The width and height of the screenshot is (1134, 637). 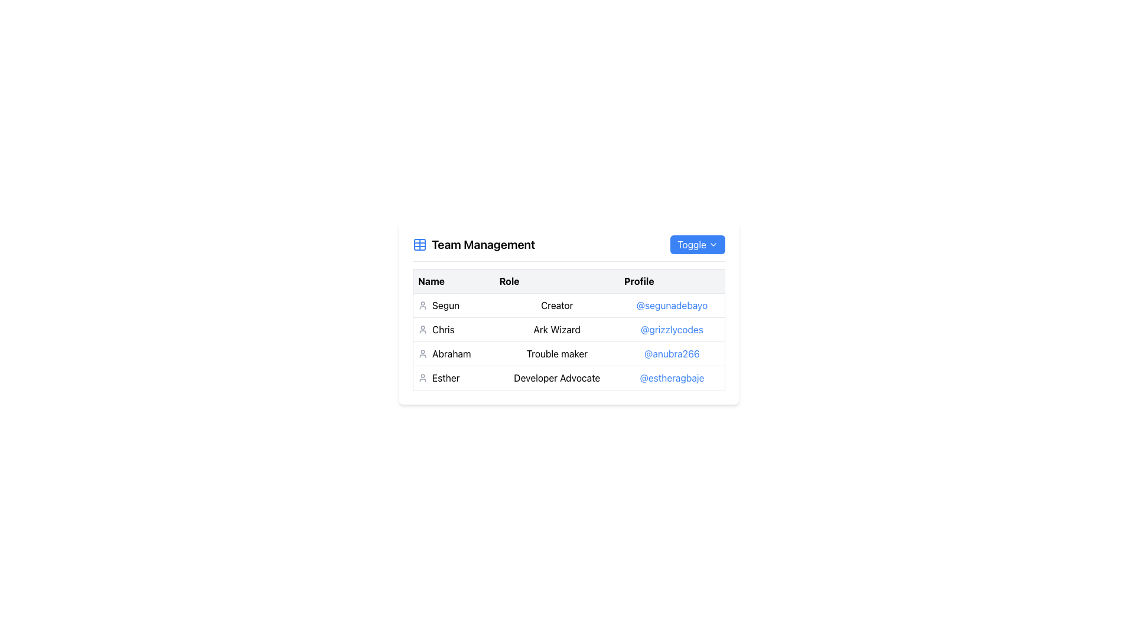 I want to click on the interactive username link '@estheragbaje' in the 'Profile' column of the table, so click(x=672, y=377).